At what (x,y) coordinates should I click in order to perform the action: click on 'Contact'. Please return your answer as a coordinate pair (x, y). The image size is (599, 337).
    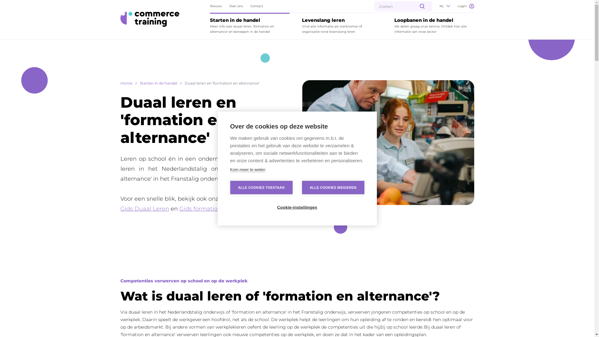
    Looking at the image, I should click on (256, 6).